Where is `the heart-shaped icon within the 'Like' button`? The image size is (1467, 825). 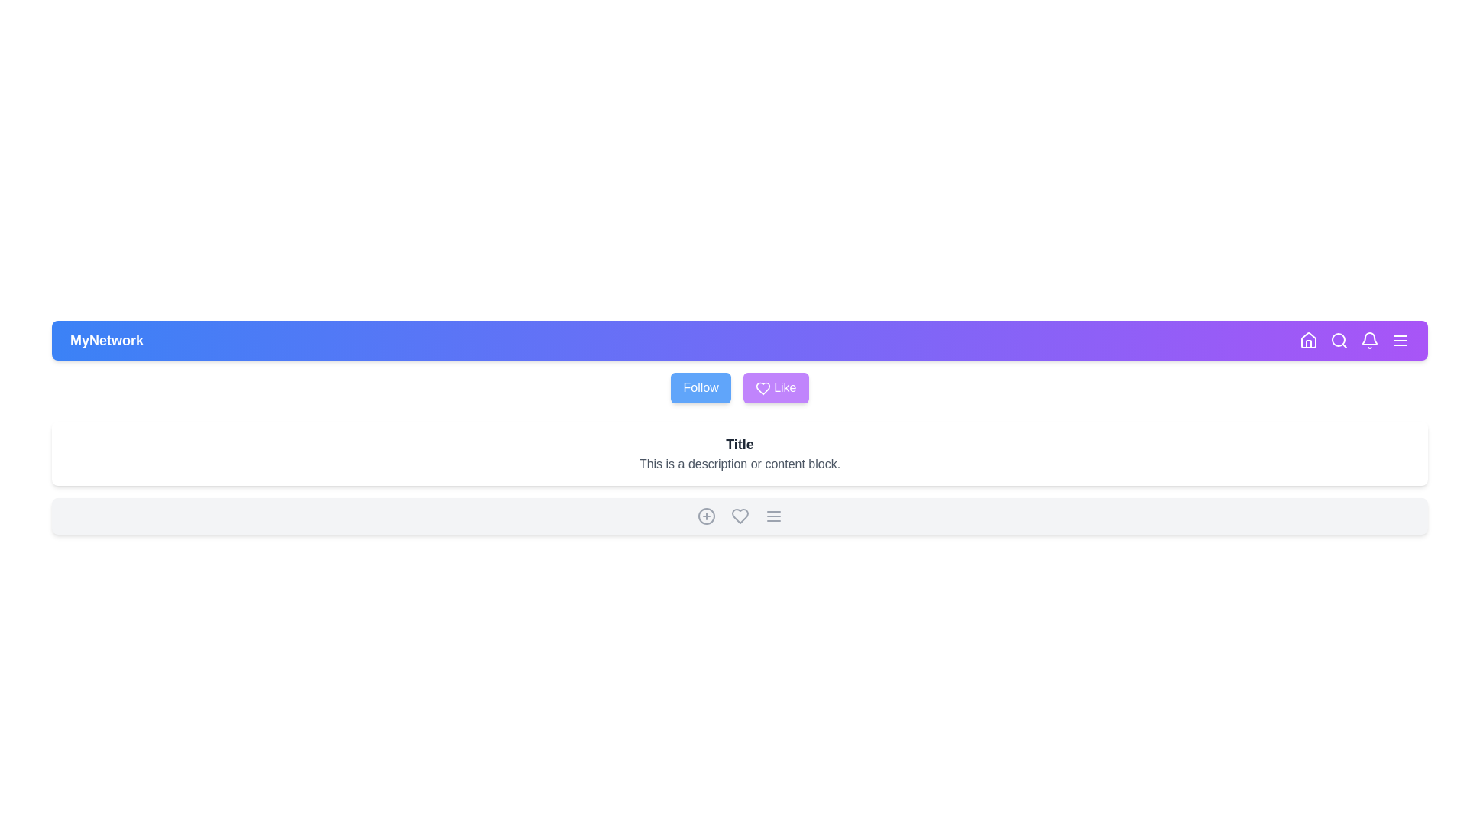 the heart-shaped icon within the 'Like' button is located at coordinates (763, 387).